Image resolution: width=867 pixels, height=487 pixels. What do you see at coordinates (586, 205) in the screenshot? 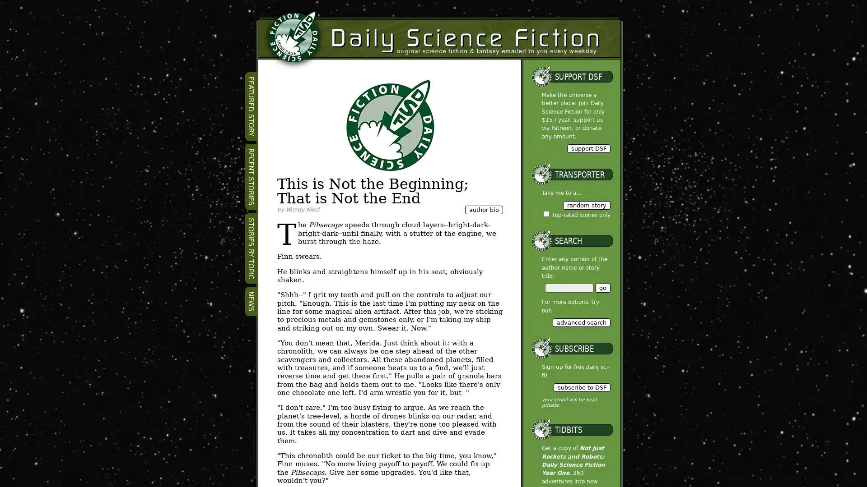
I see `random story` at bounding box center [586, 205].